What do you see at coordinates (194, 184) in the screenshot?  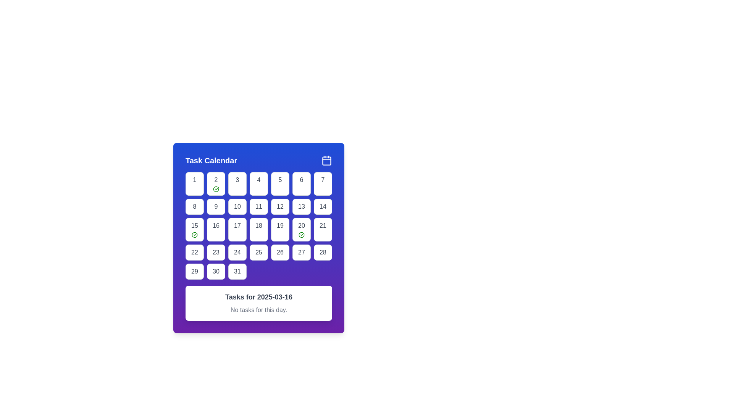 I see `the button representing the first day of the month in the calendar grid` at bounding box center [194, 184].